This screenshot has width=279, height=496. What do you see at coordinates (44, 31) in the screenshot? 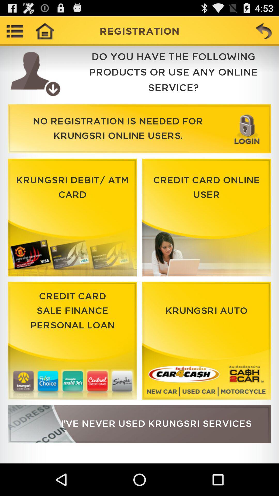
I see `home` at bounding box center [44, 31].